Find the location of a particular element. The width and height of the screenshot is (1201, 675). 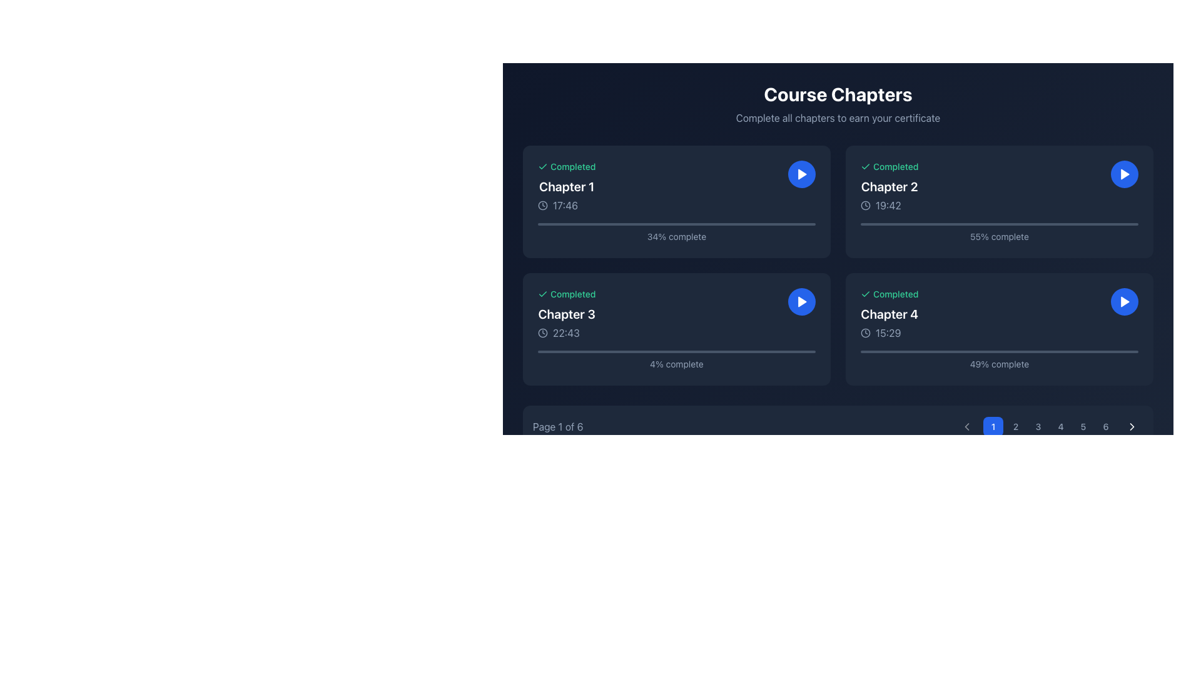

the visual state of the completion icon located in the top-left corner of the completion status row, adjacent to the text 'Completed' is located at coordinates (864, 294).